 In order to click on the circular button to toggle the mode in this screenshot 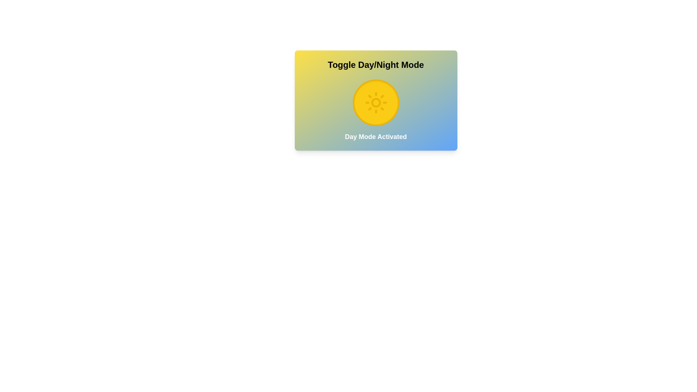, I will do `click(376, 102)`.